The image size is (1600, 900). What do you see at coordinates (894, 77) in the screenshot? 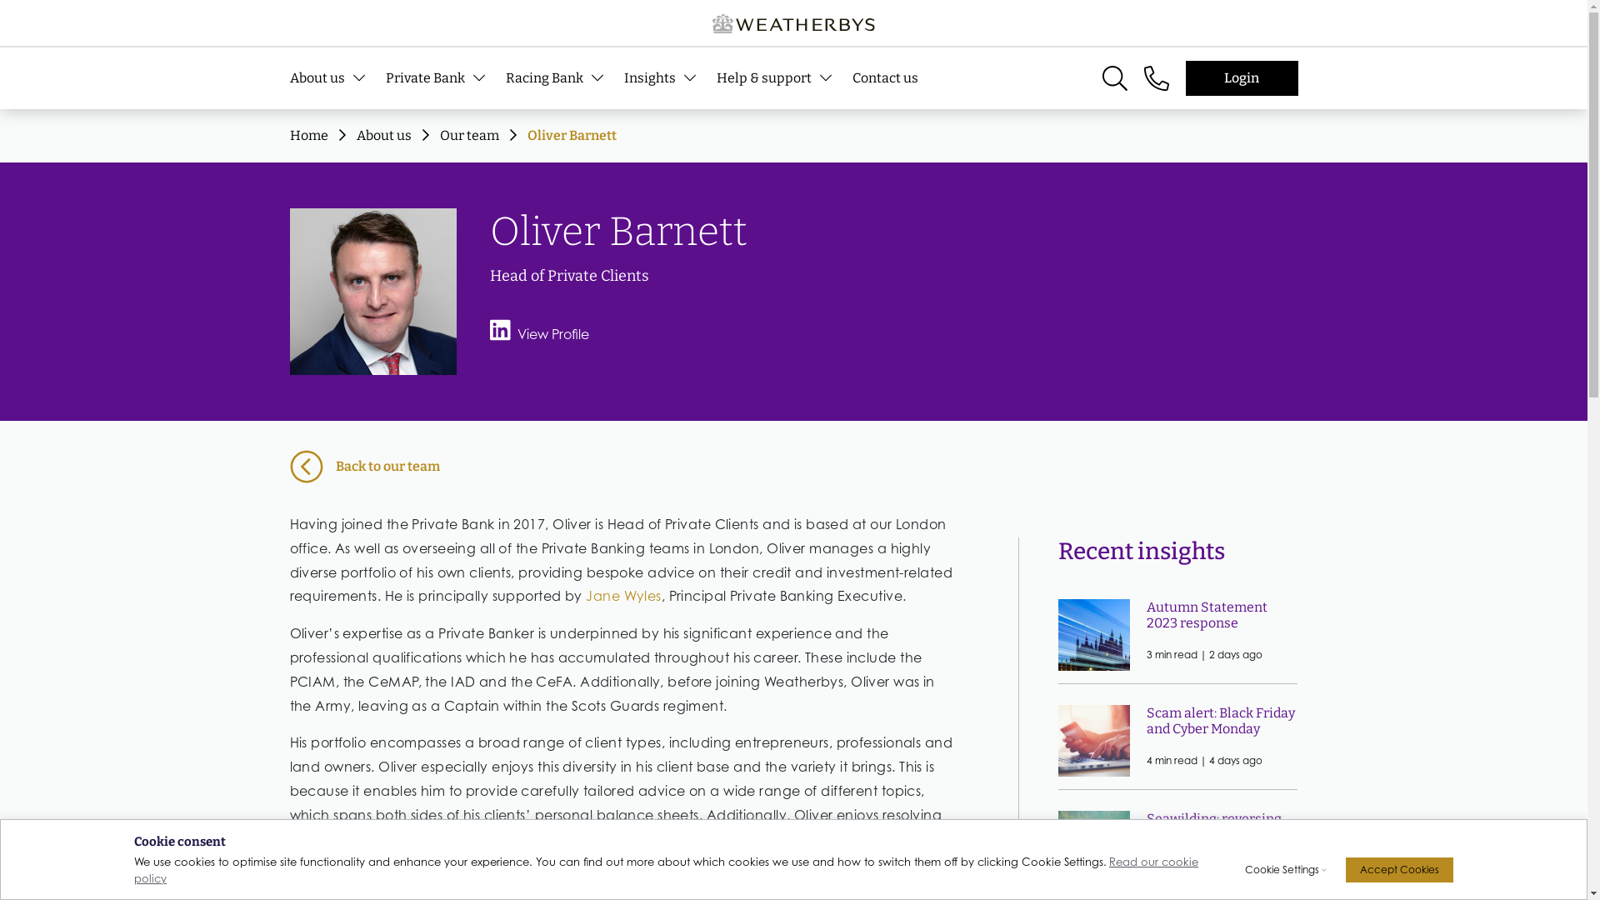
I see `'Contact us'` at bounding box center [894, 77].